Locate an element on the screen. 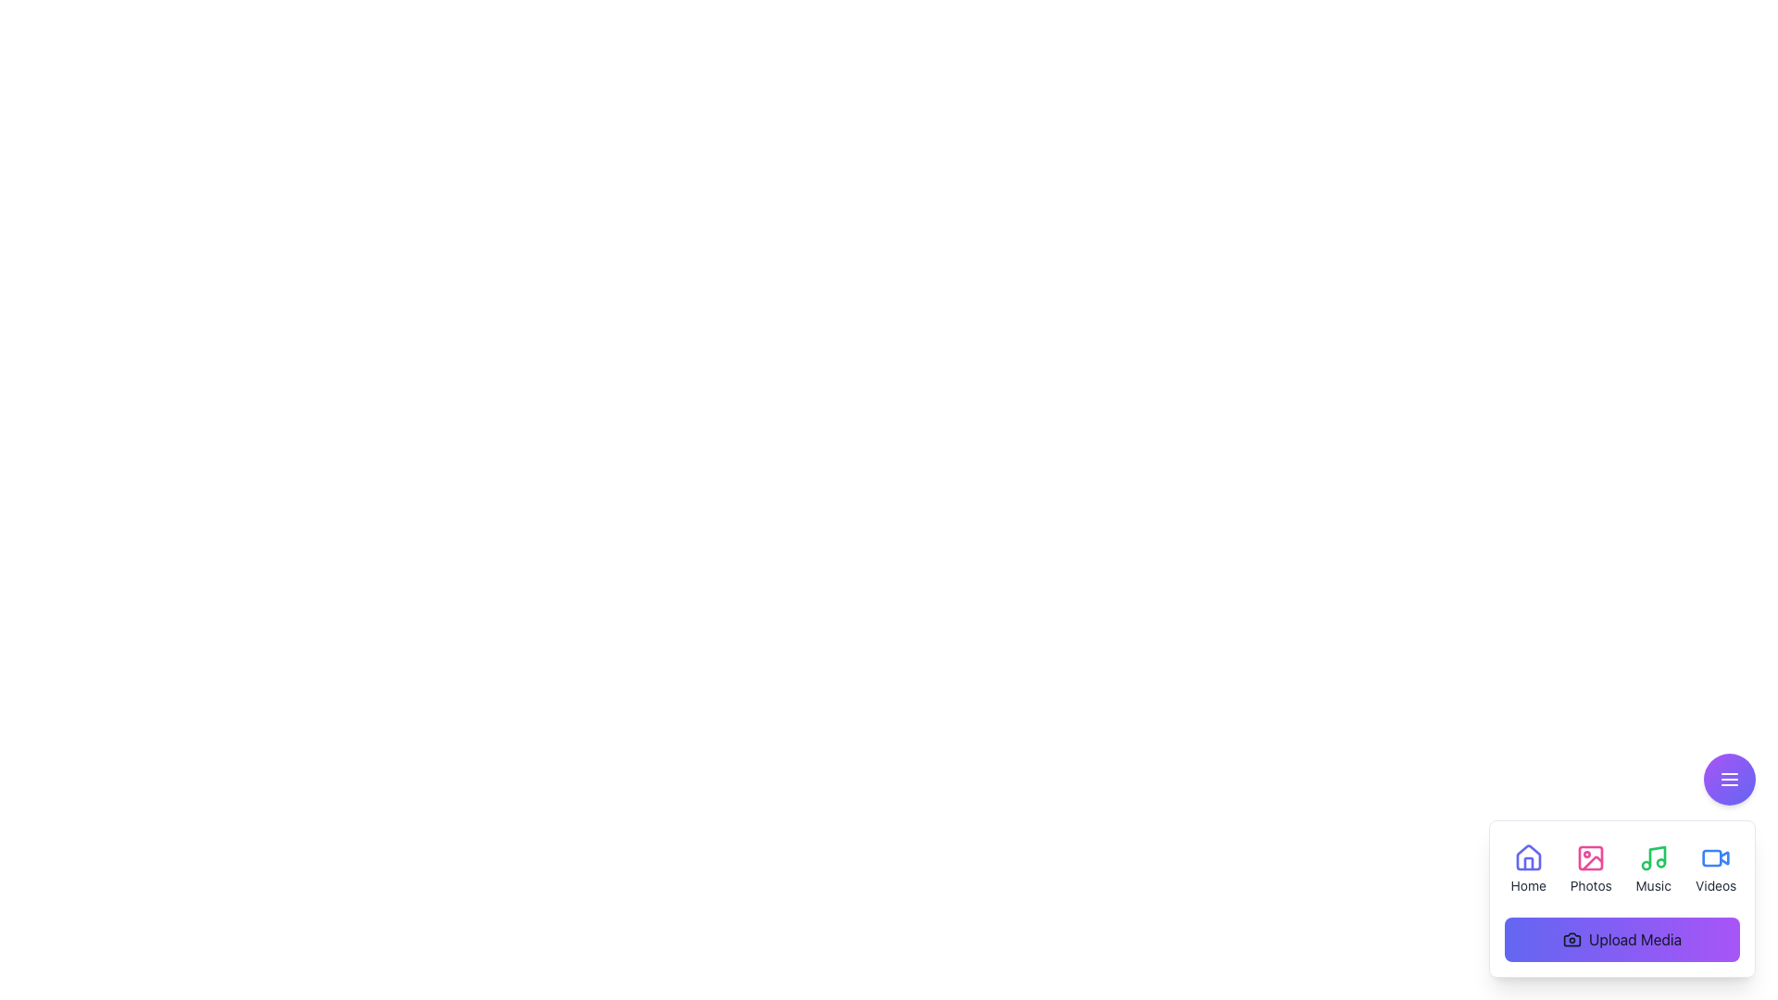  the camera icon located to the left of the 'Upload Media' text within the gradient button at the bottom center of the interface is located at coordinates (1571, 939).